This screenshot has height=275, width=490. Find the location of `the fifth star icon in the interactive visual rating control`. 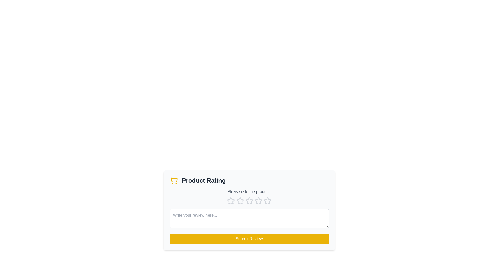

the fifth star icon in the interactive visual rating control is located at coordinates (267, 201).